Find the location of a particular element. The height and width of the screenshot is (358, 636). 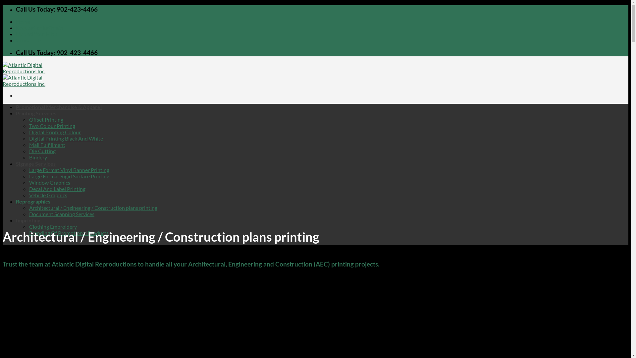

'Upload Your Files' is located at coordinates (36, 34).